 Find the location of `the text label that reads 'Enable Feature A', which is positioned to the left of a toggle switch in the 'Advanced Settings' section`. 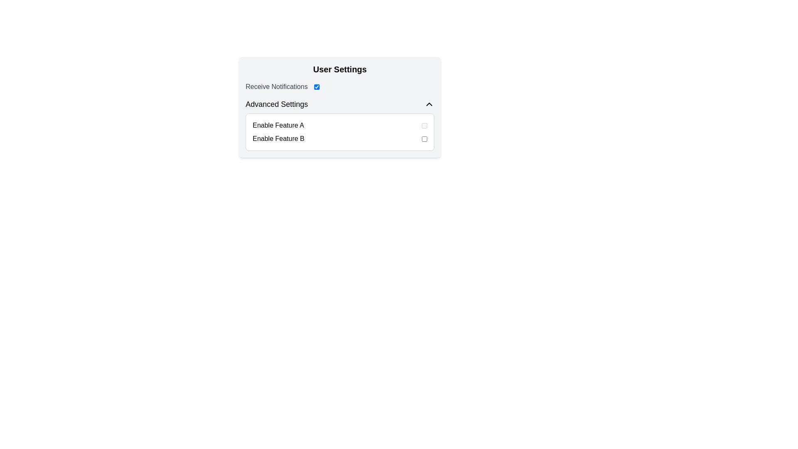

the text label that reads 'Enable Feature A', which is positioned to the left of a toggle switch in the 'Advanced Settings' section is located at coordinates (278, 125).